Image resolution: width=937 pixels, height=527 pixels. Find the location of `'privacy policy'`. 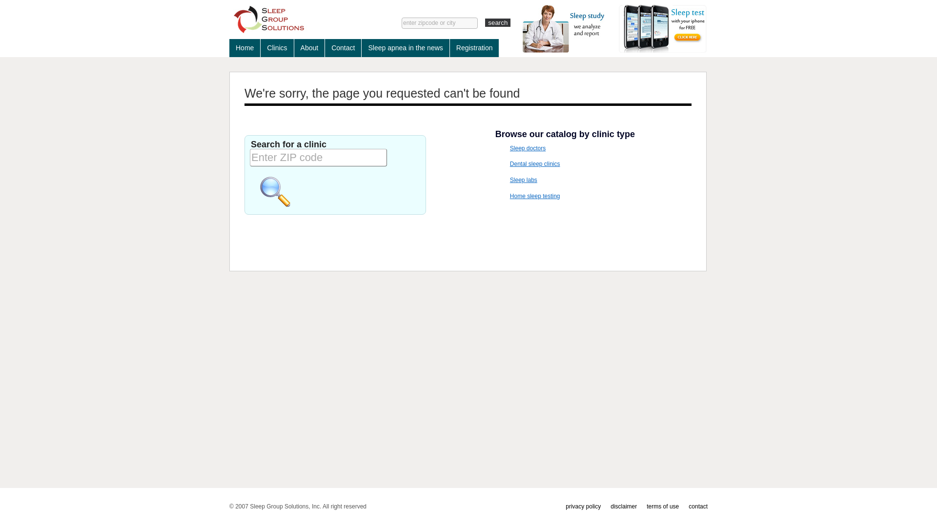

'privacy policy' is located at coordinates (565, 506).